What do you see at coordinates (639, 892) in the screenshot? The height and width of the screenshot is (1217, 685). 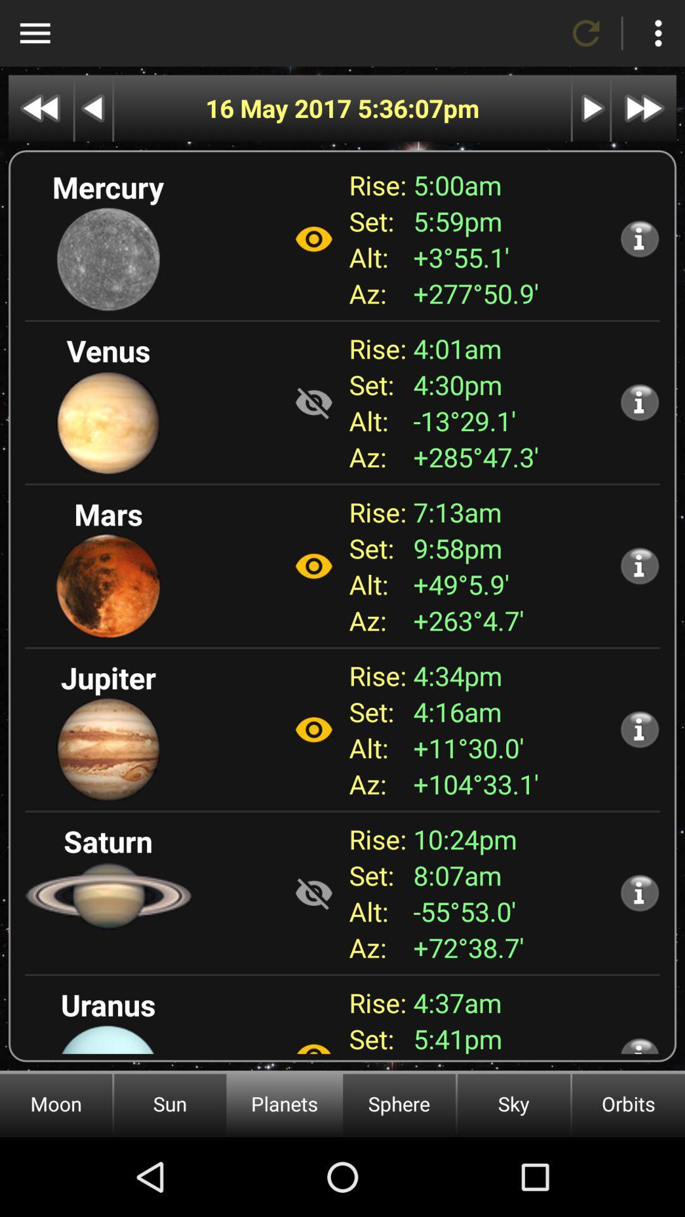 I see `information icon` at bounding box center [639, 892].